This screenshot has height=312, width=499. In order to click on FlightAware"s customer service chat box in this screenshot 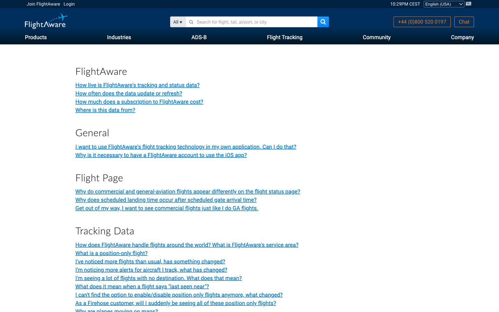, I will do `click(464, 21)`.